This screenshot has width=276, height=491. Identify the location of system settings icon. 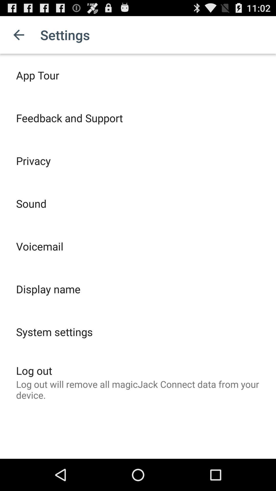
(54, 332).